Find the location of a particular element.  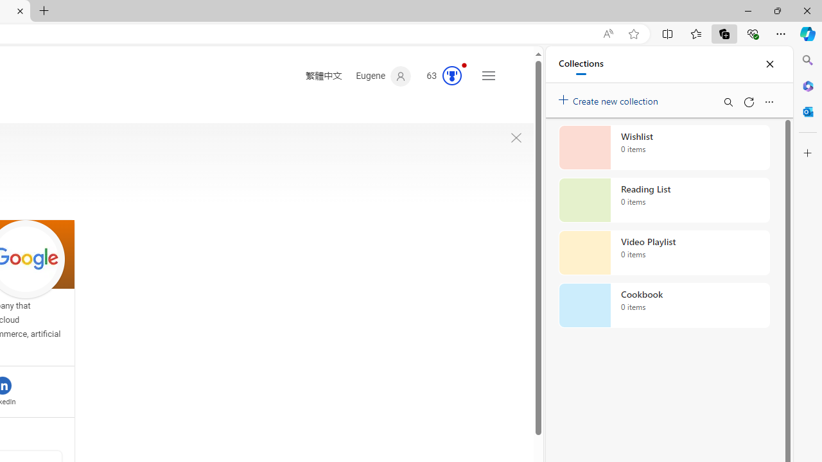

'Wishlist collection, 0 items' is located at coordinates (664, 147).